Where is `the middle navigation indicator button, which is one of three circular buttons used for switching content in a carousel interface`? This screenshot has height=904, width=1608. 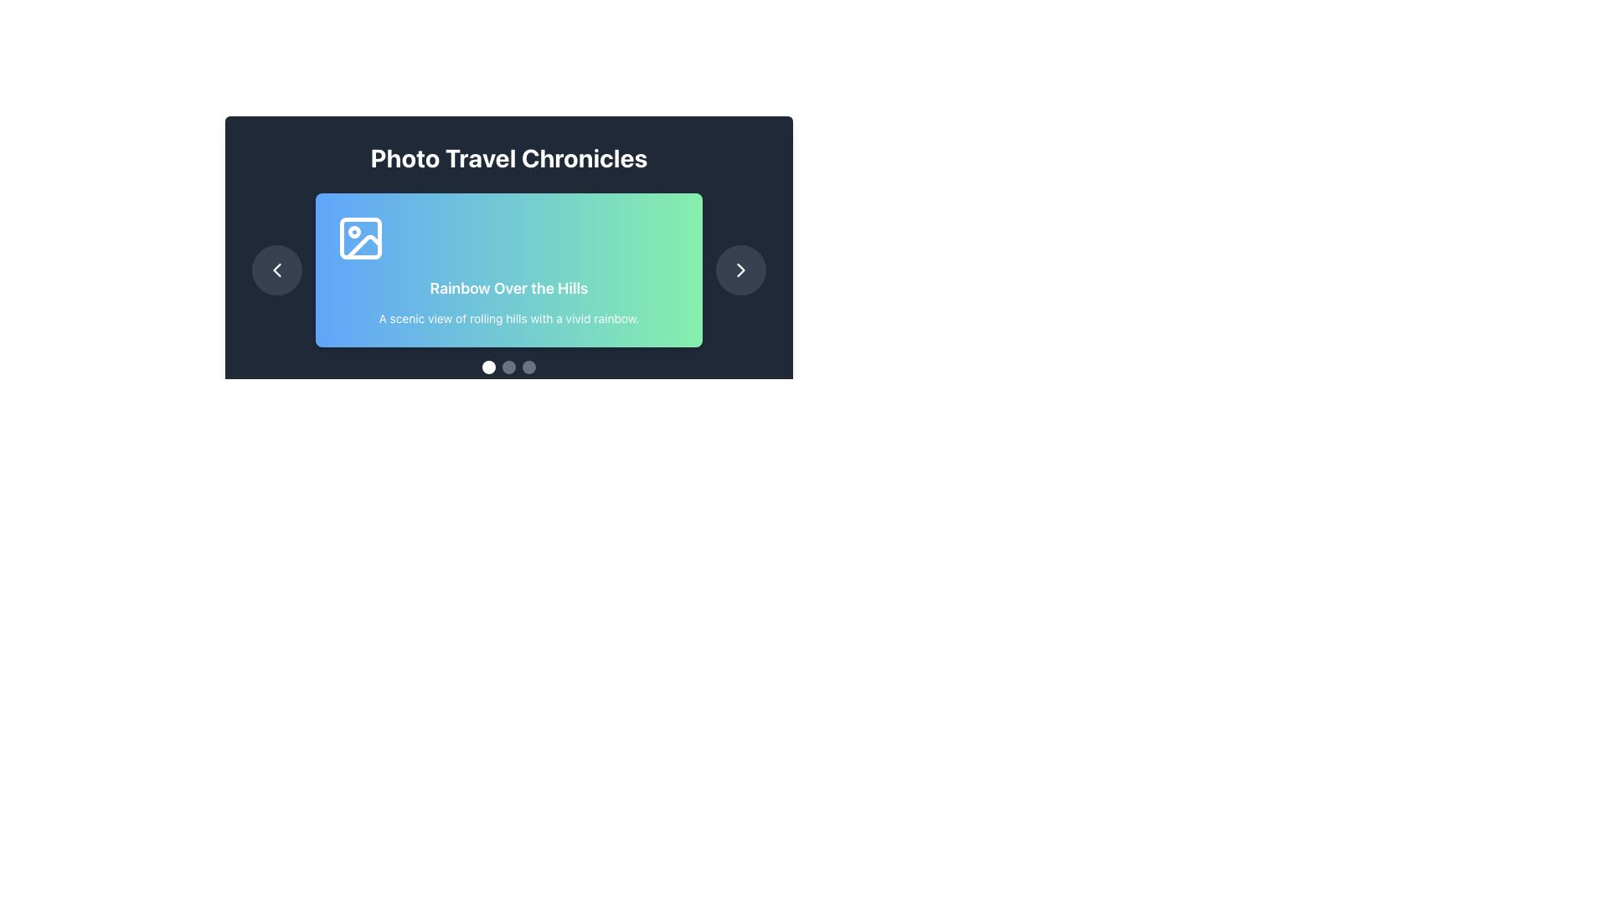 the middle navigation indicator button, which is one of three circular buttons used for switching content in a carousel interface is located at coordinates (508, 367).